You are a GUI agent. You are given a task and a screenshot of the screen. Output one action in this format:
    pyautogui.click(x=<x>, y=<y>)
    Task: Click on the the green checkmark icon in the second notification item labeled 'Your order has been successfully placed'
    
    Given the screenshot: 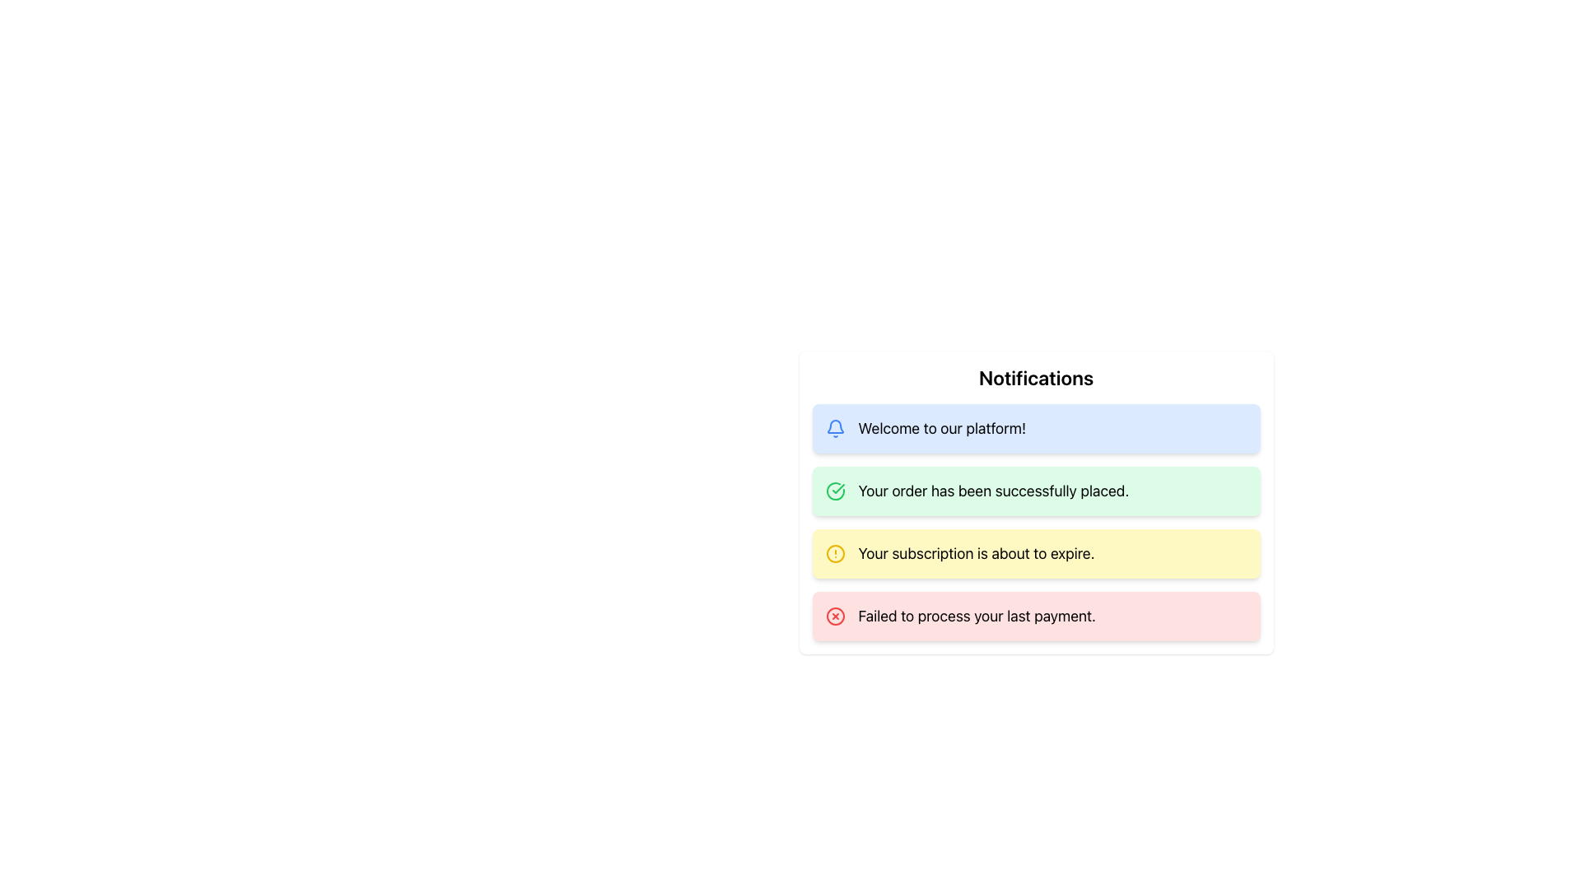 What is the action you would take?
    pyautogui.click(x=837, y=488)
    